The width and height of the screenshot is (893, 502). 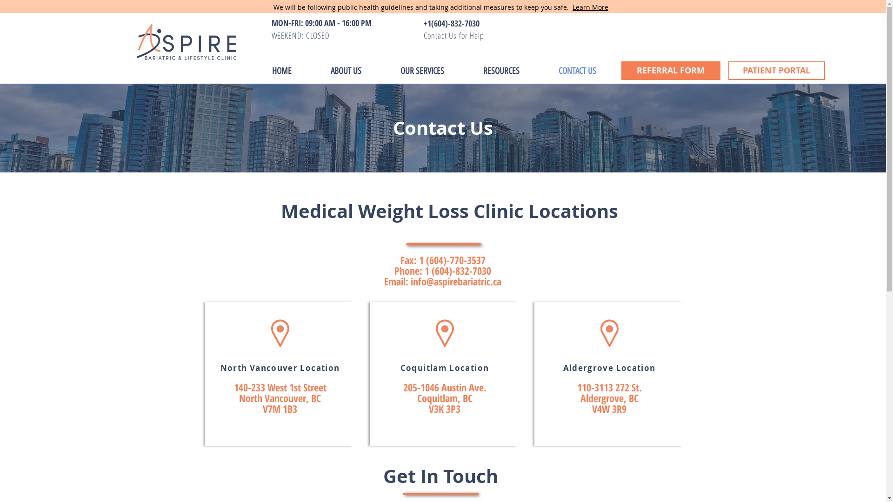 I want to click on 'RESOURCES', so click(x=500, y=71).